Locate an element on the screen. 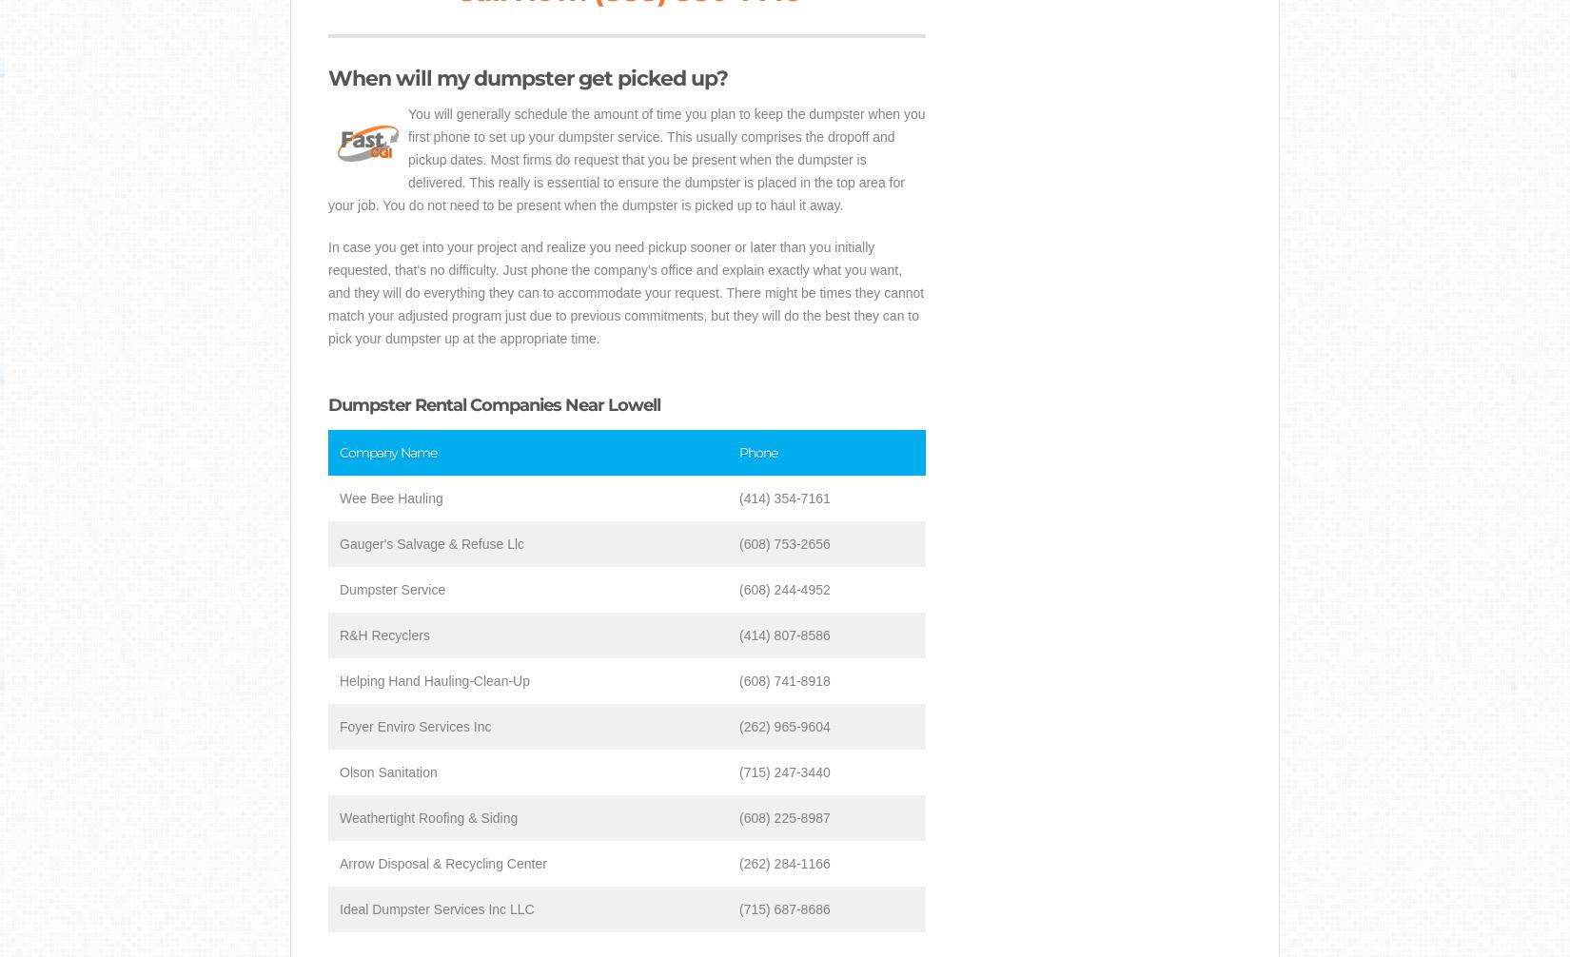  'Weathertight Roofing & Siding' is located at coordinates (340, 817).